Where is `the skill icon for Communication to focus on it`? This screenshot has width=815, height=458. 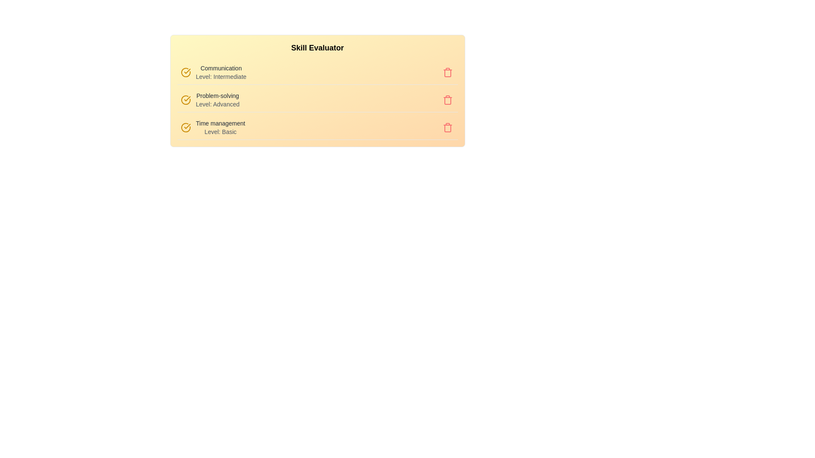
the skill icon for Communication to focus on it is located at coordinates (185, 72).